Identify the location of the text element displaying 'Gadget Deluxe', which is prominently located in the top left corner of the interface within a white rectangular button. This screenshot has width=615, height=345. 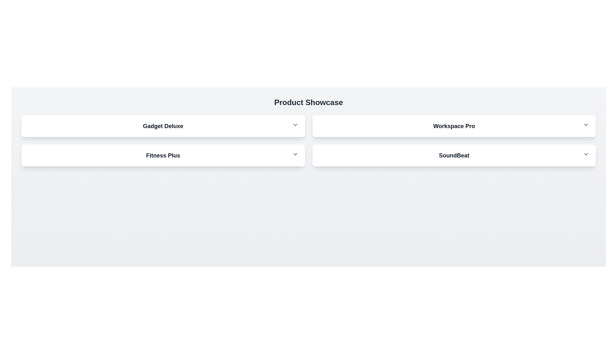
(163, 126).